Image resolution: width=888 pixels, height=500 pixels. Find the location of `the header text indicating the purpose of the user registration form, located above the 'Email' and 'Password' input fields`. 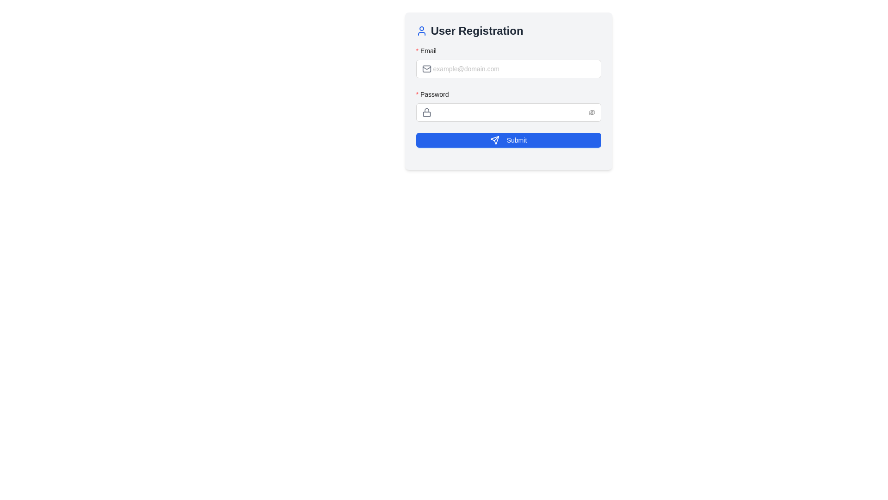

the header text indicating the purpose of the user registration form, located above the 'Email' and 'Password' input fields is located at coordinates (508, 30).